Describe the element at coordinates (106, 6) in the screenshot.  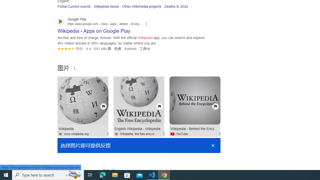
I see `'Wikipedia:About'` at that location.